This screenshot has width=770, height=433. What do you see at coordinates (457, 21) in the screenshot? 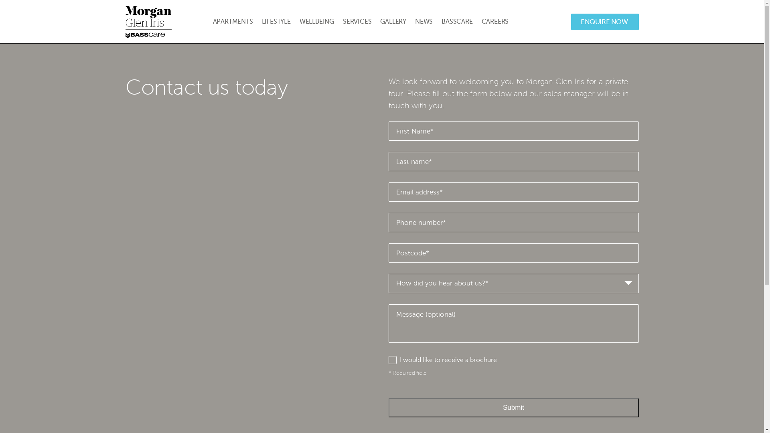
I see `'BASSCARE'` at bounding box center [457, 21].